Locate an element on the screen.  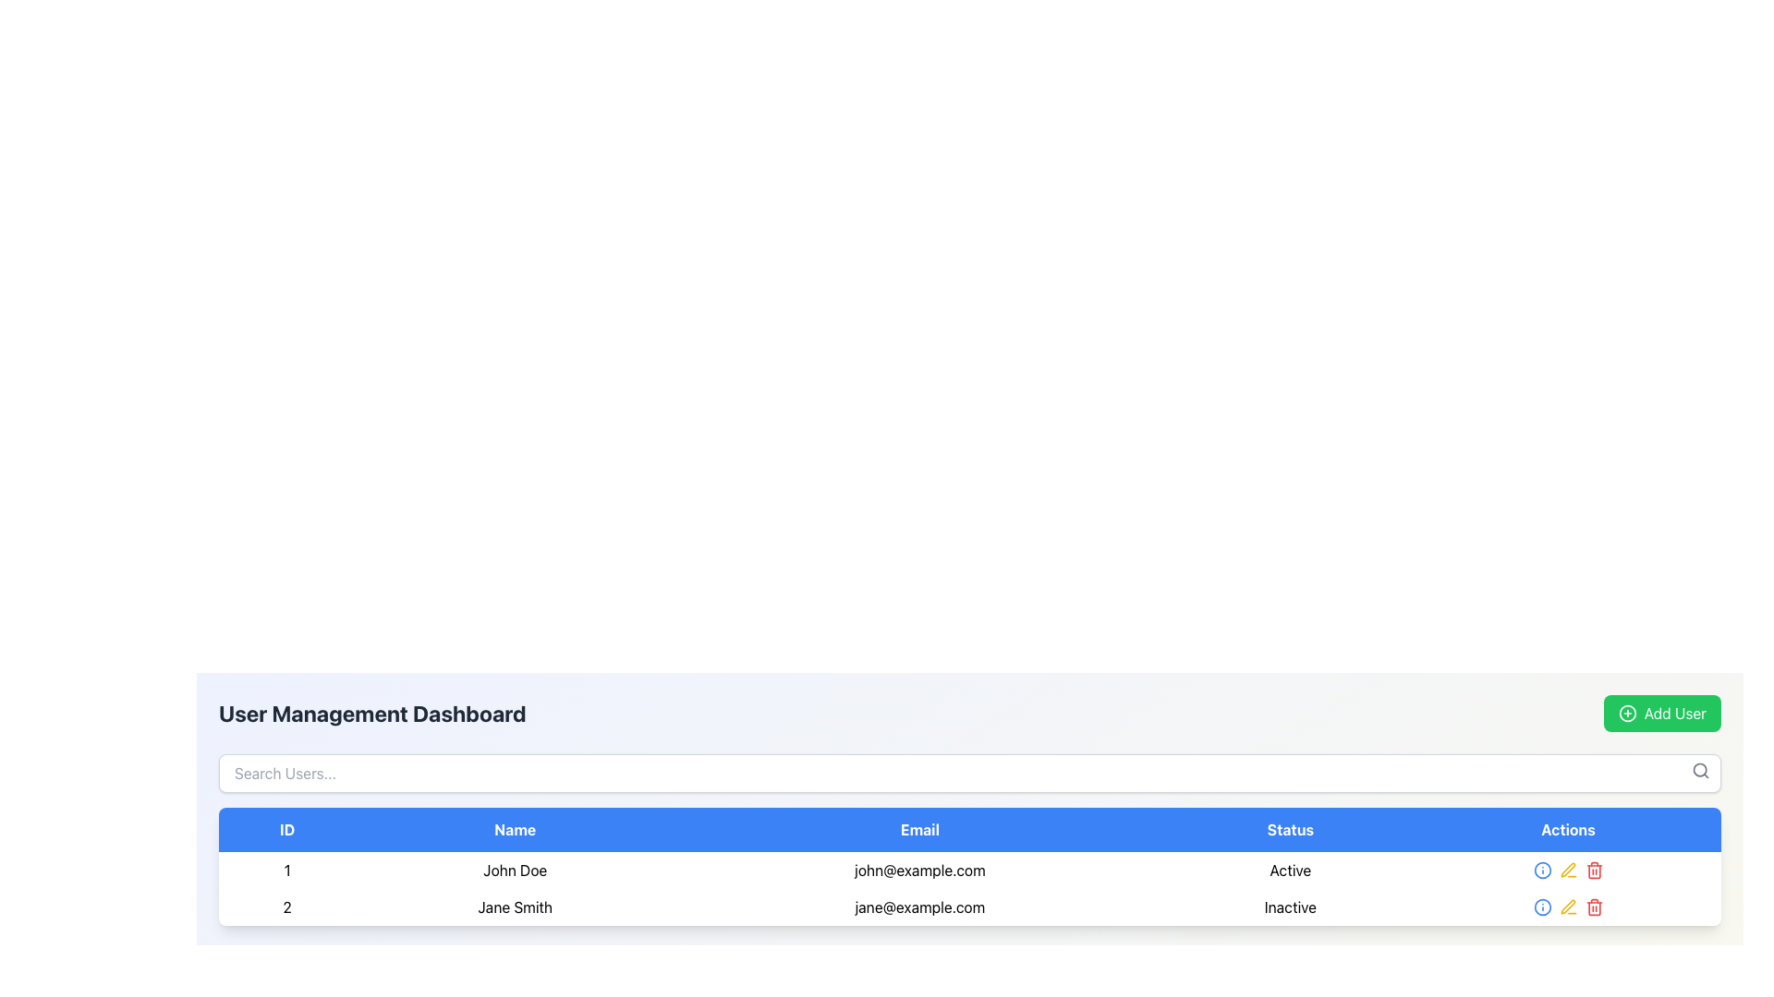
circular SVG graphic located in the 'Actions' column of the table corresponding to the user 'John Doe'. This graphic serves as an interactive element representing an informational or secondary action is located at coordinates (1542, 907).